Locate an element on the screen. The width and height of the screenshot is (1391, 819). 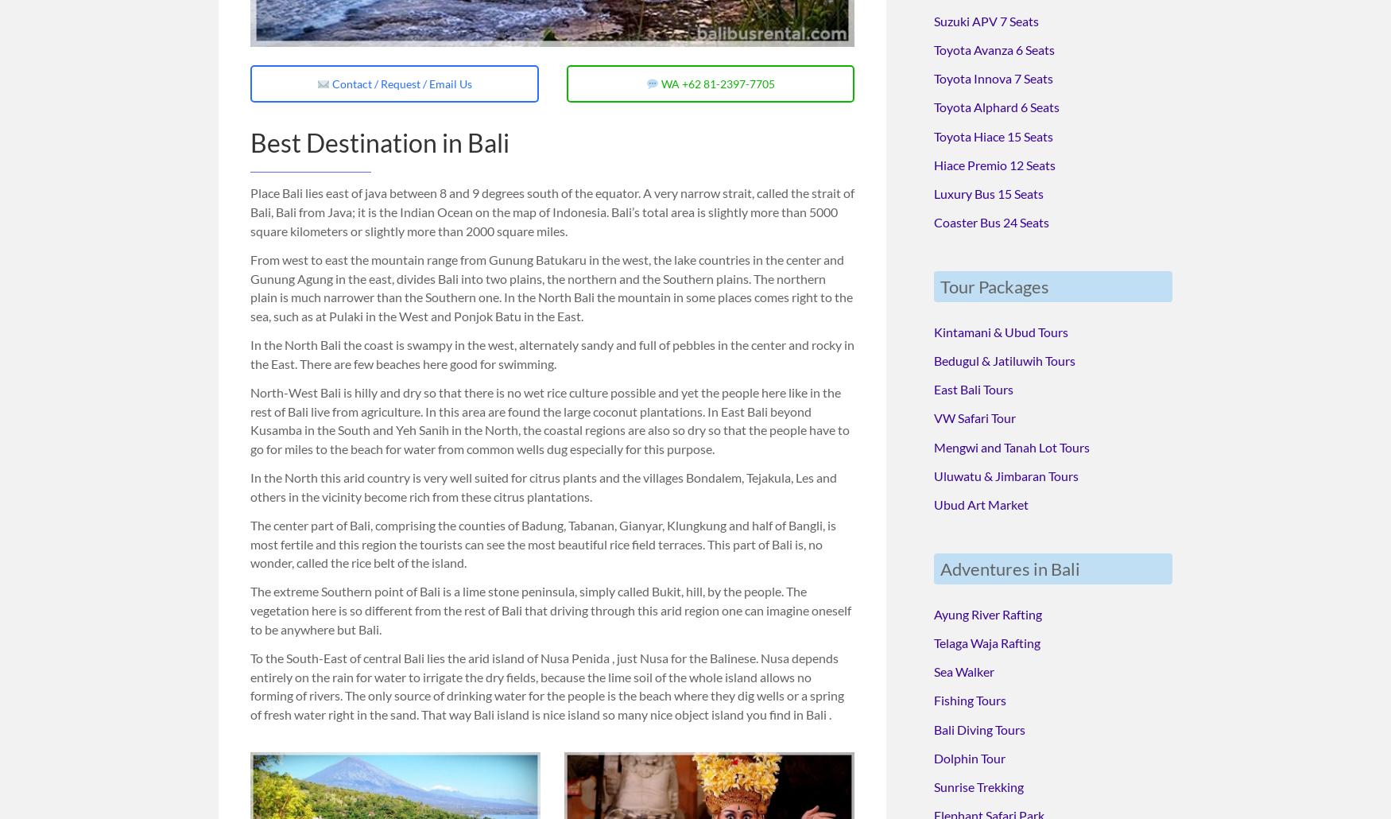
'Toyota Avanza 6 Seats' is located at coordinates (932, 48).